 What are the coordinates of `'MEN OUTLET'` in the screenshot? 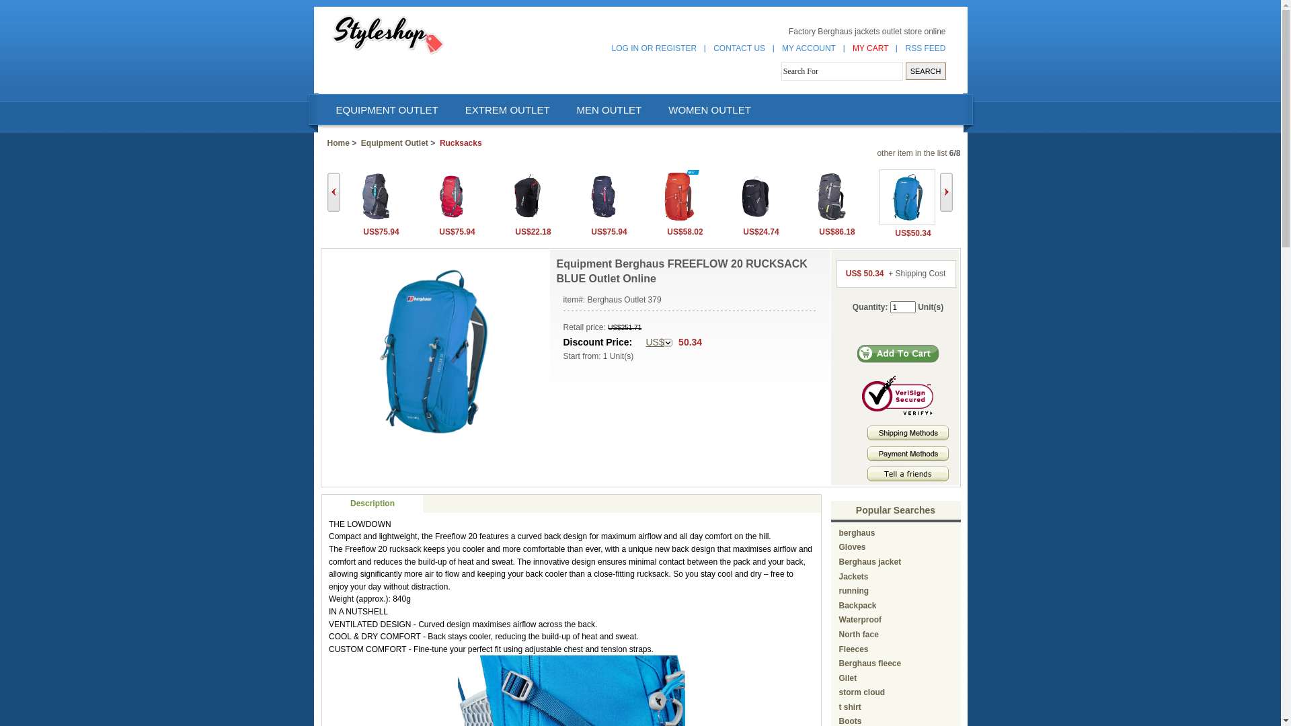 It's located at (609, 109).